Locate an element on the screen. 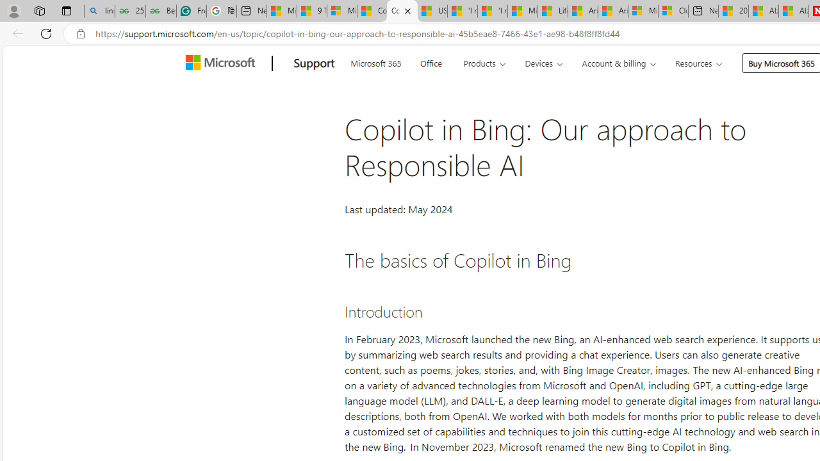 This screenshot has width=820, height=461. 'USA TODAY - MSN' is located at coordinates (432, 11).